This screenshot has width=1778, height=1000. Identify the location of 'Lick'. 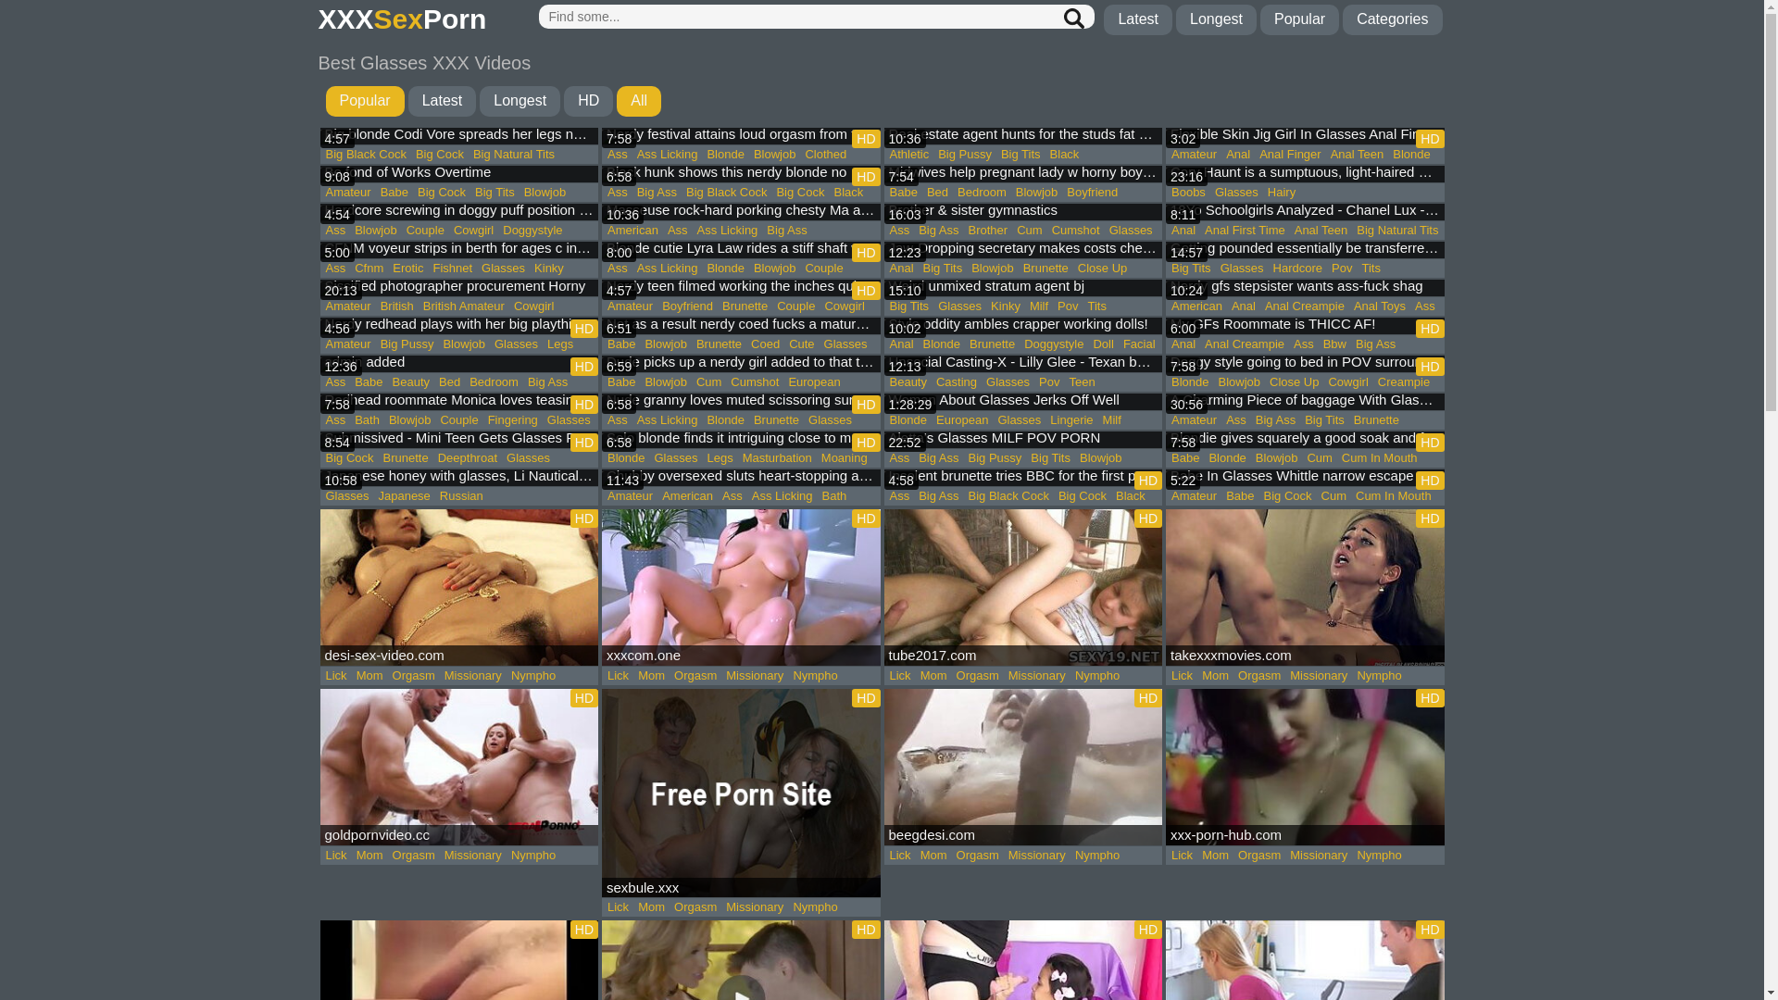
(335, 856).